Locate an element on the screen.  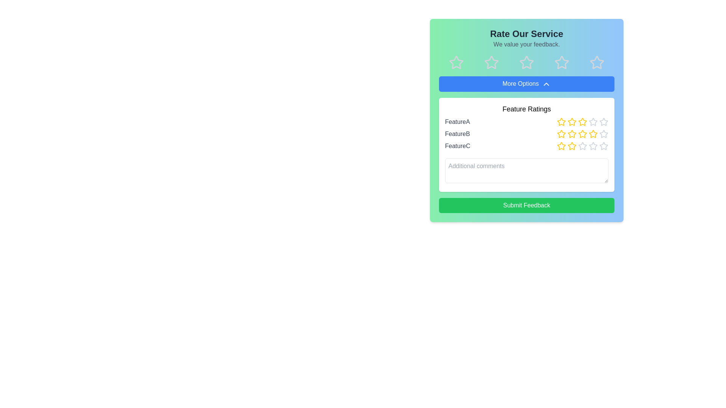
the fourth star icon in the rating system, which is part of a group of five star elements arranged horizontally at the top center of the interface is located at coordinates (562, 62).